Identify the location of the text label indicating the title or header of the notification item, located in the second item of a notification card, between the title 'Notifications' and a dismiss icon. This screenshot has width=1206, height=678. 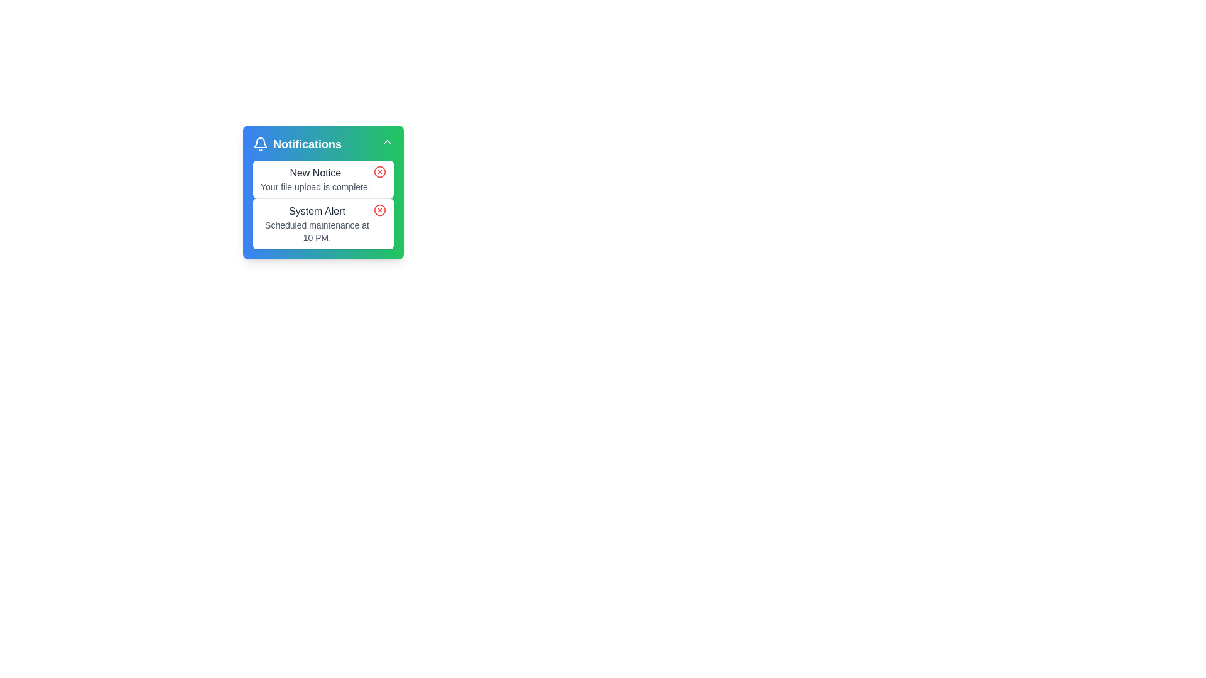
(317, 210).